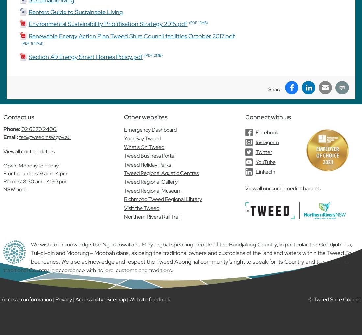 The width and height of the screenshot is (362, 335). Describe the element at coordinates (282, 188) in the screenshot. I see `'View all our social media channels'` at that location.